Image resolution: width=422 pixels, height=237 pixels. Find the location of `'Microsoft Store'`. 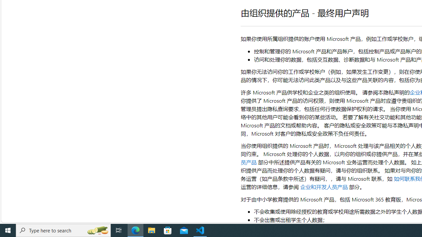

'Microsoft Store' is located at coordinates (168, 230).